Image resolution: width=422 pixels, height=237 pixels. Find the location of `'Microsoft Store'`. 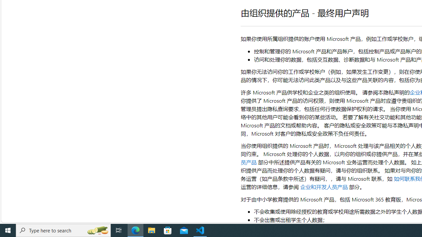

'Microsoft Store' is located at coordinates (168, 230).